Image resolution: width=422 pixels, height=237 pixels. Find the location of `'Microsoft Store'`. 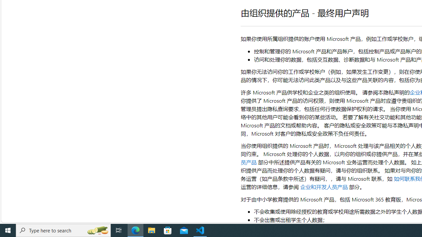

'Microsoft Store' is located at coordinates (168, 230).